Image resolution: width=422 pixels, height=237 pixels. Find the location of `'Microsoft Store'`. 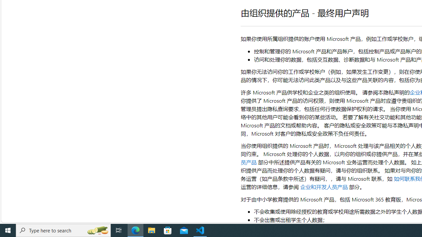

'Microsoft Store' is located at coordinates (168, 230).